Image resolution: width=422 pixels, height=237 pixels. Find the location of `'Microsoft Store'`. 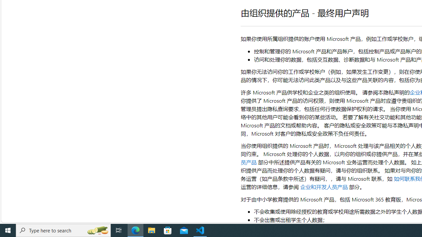

'Microsoft Store' is located at coordinates (168, 230).